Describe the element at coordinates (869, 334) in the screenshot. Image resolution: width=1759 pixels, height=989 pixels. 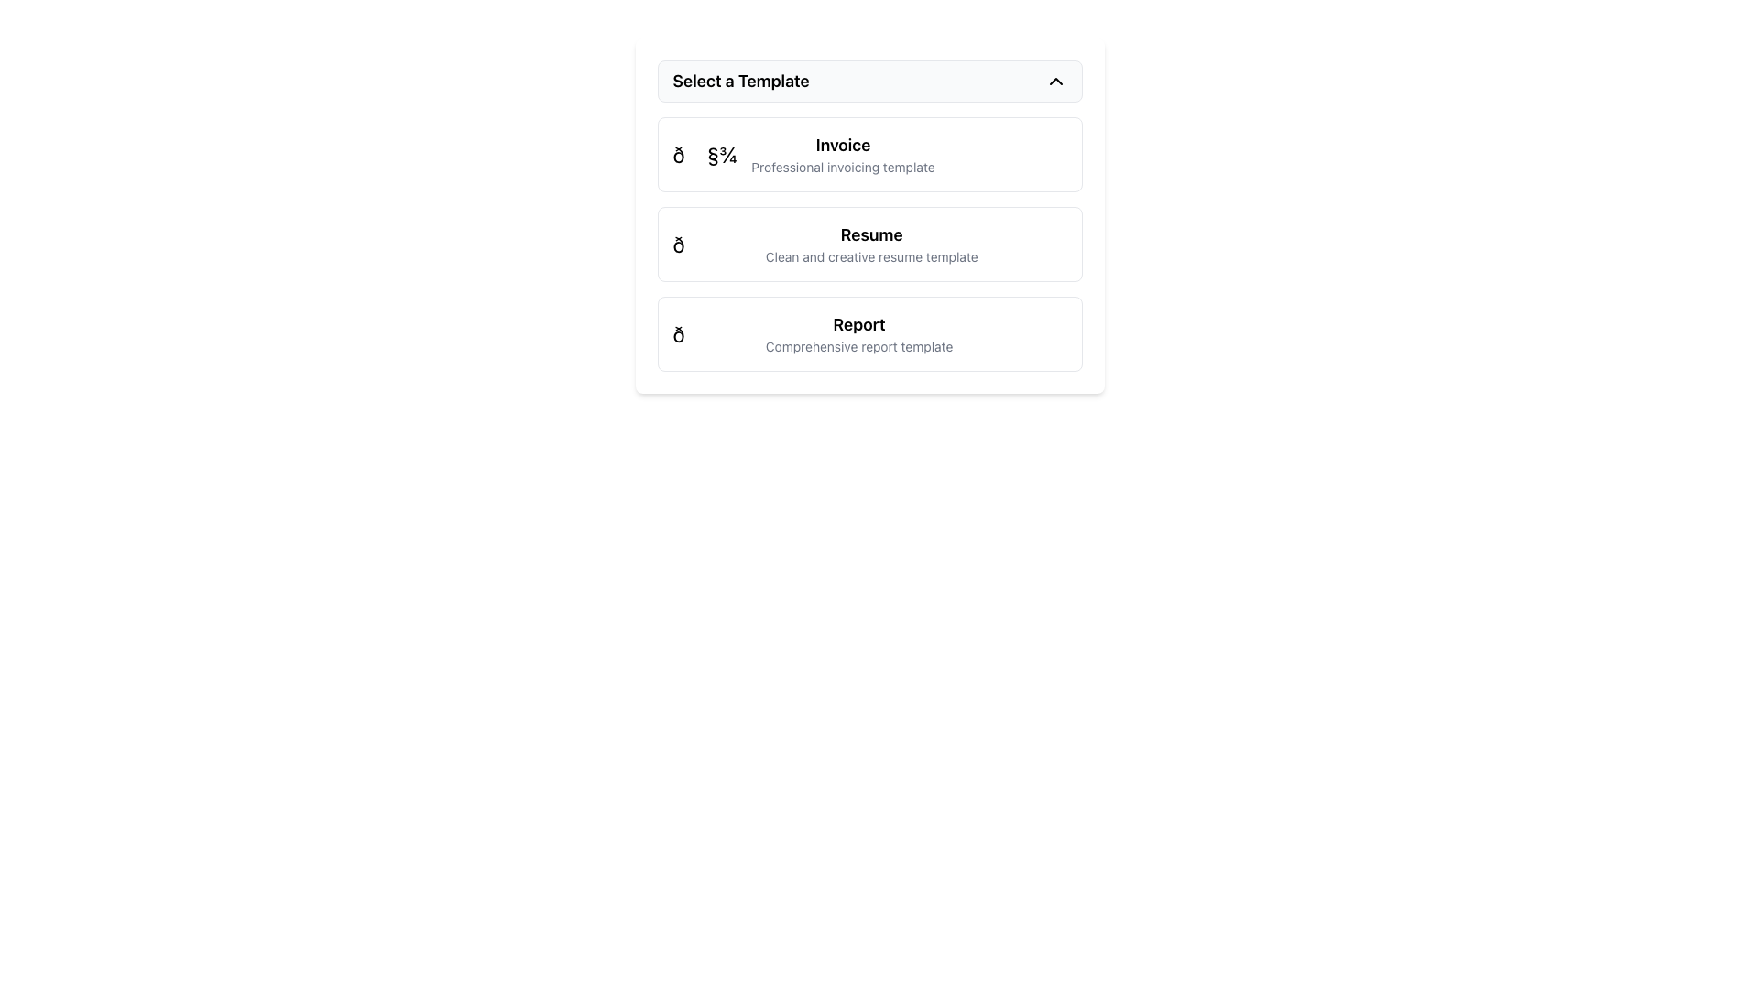
I see `the 'Report' selectable list item, which is the third entry in a vertical list` at that location.